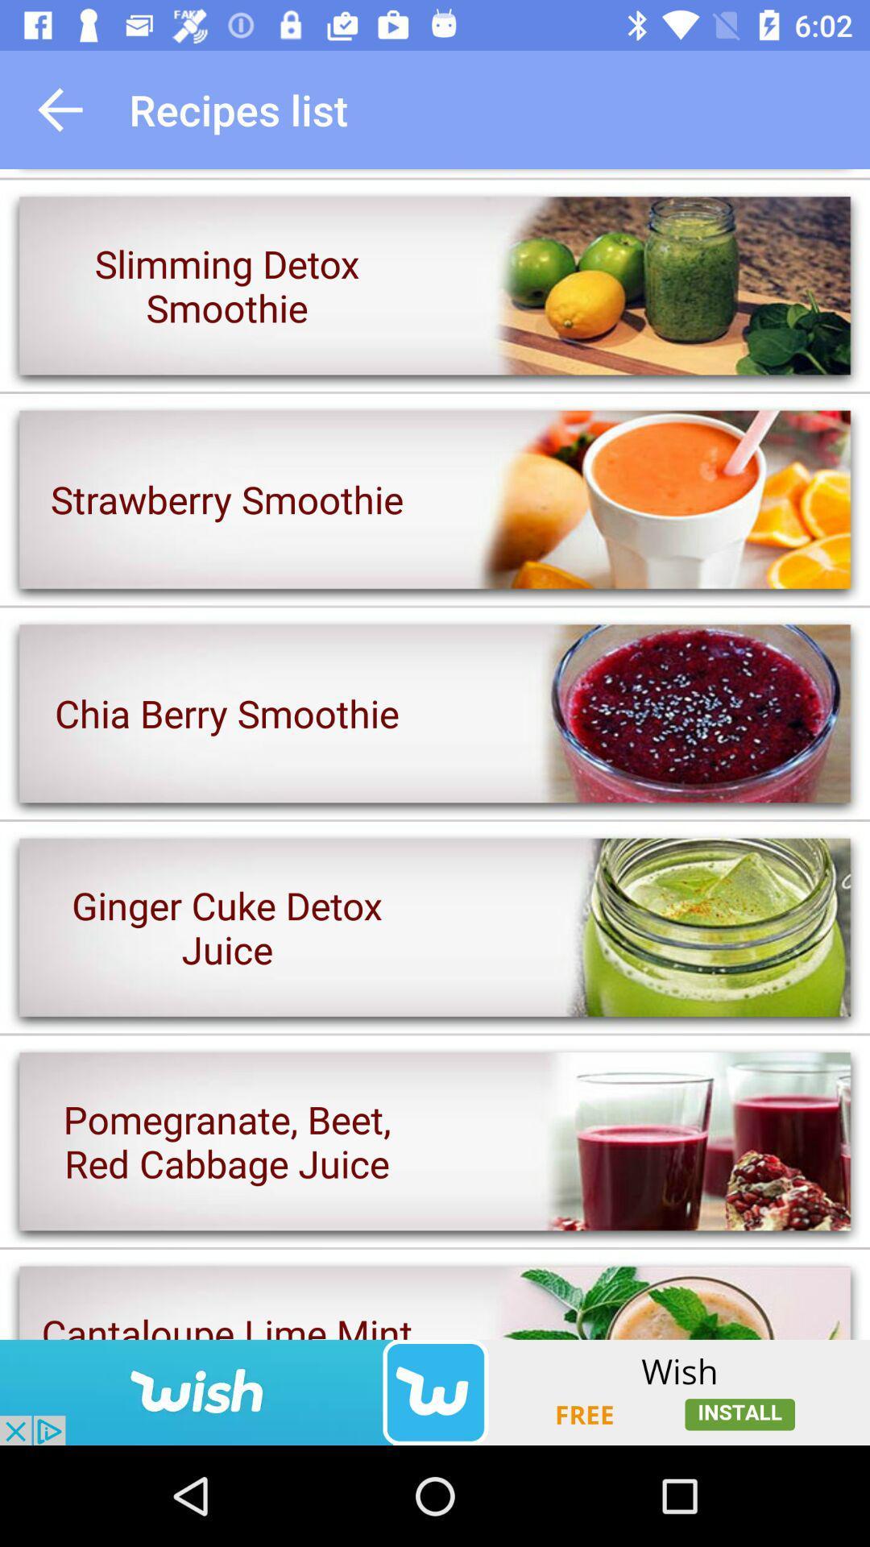 Image resolution: width=870 pixels, height=1547 pixels. Describe the element at coordinates (59, 109) in the screenshot. I see `go back` at that location.